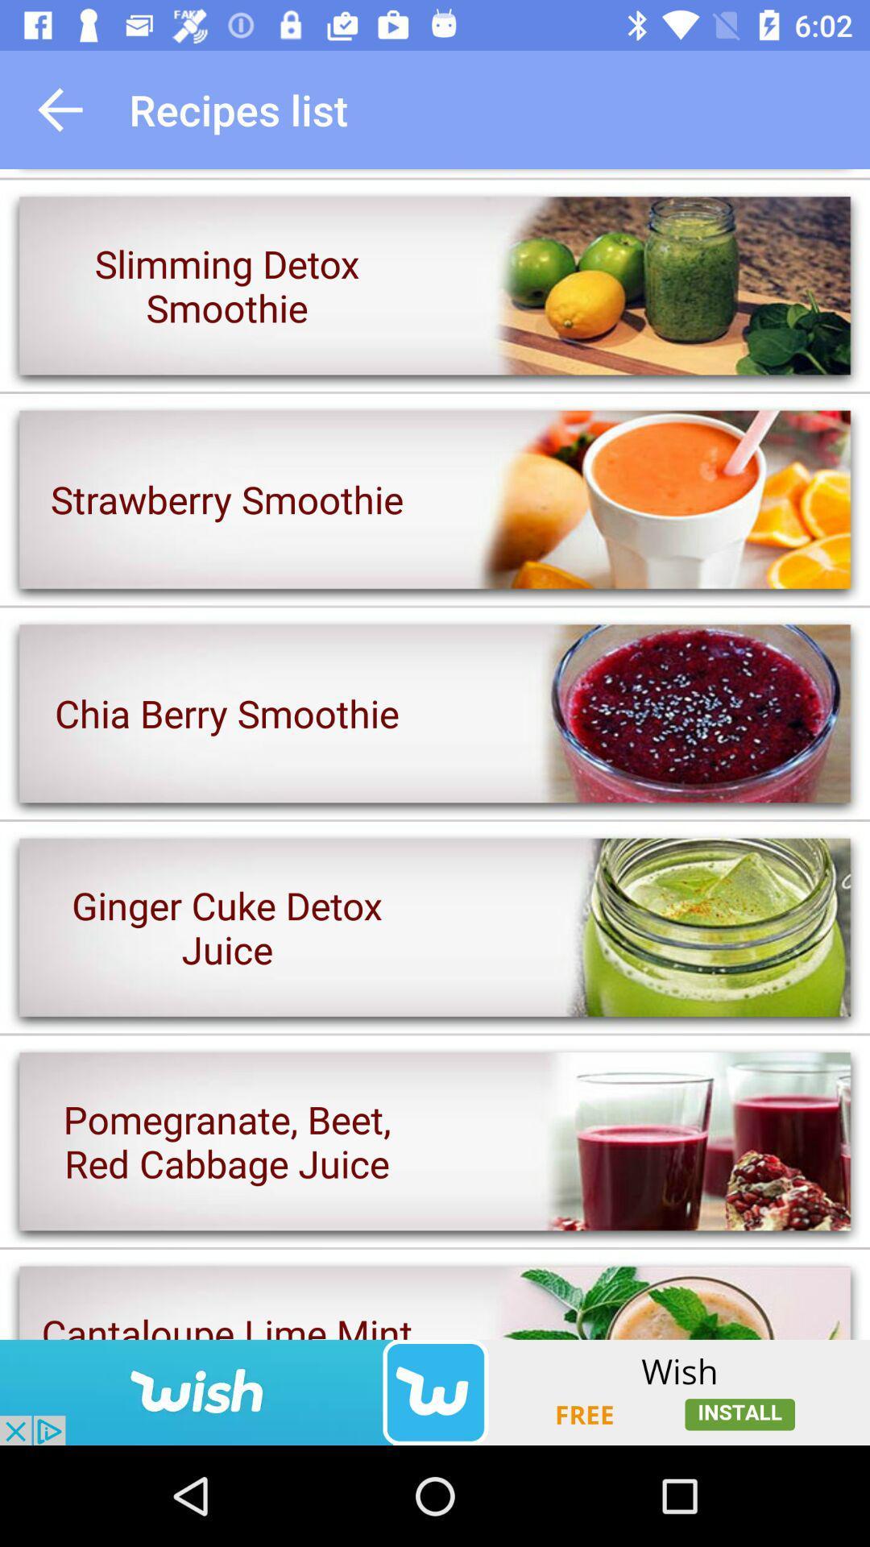 Image resolution: width=870 pixels, height=1547 pixels. Describe the element at coordinates (59, 109) in the screenshot. I see `go back` at that location.